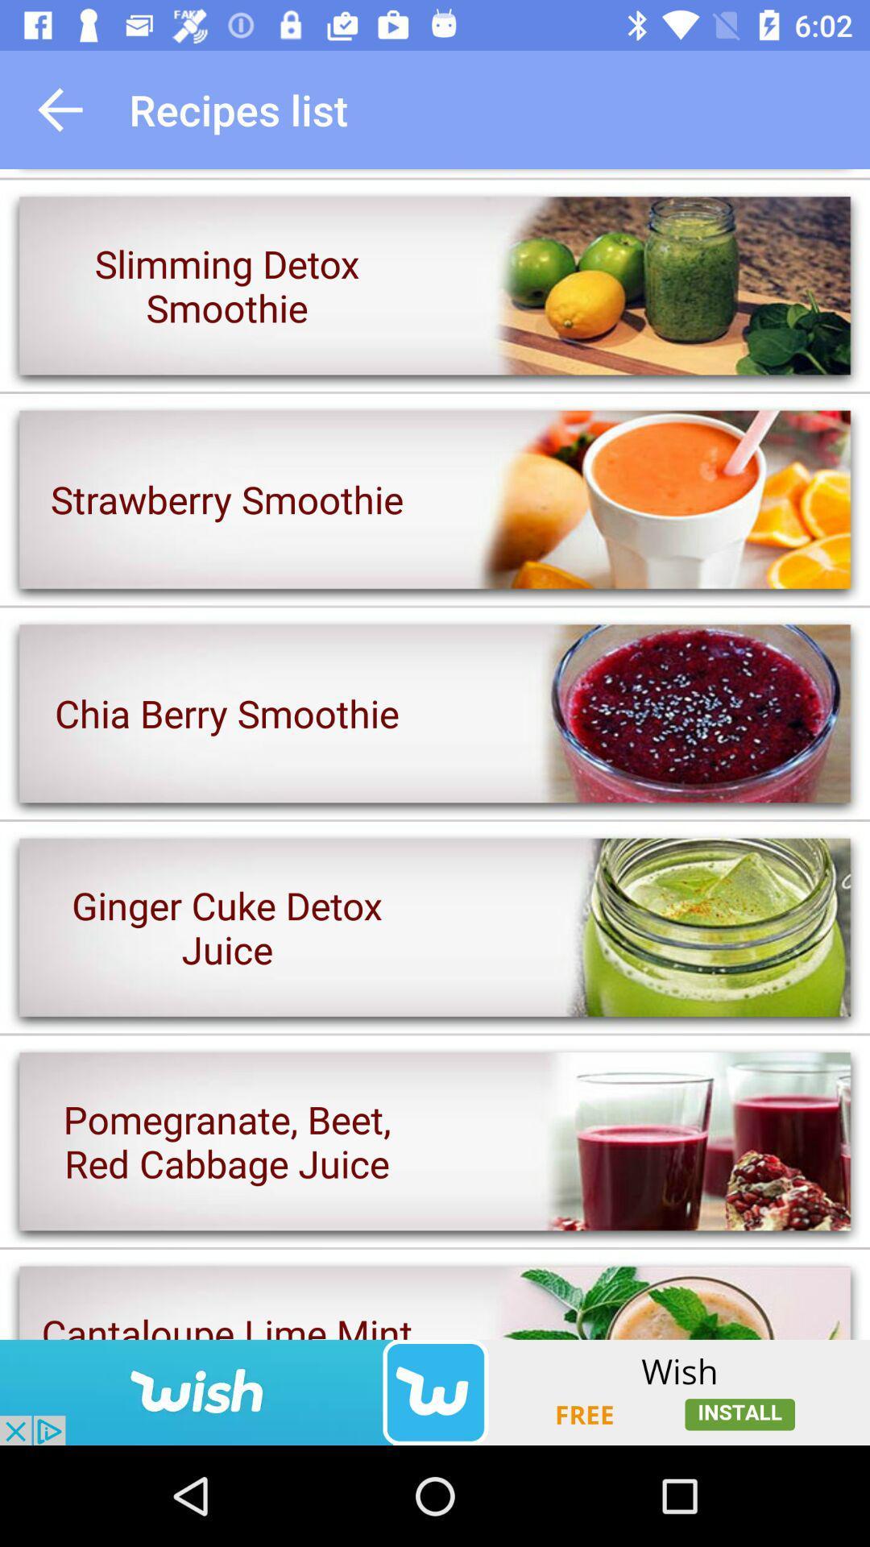 Image resolution: width=870 pixels, height=1547 pixels. Describe the element at coordinates (59, 109) in the screenshot. I see `go back` at that location.